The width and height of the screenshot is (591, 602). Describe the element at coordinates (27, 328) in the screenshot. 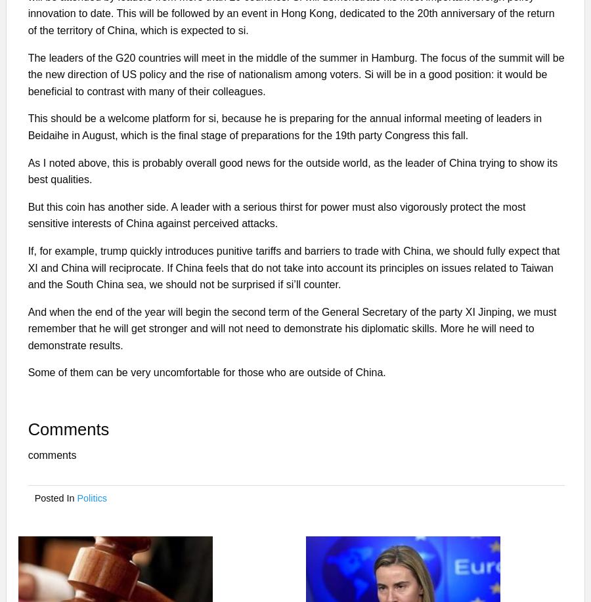

I see `'And when the end of the year will begin the second term of the General Secretary of the party XI Jinping, we must remember that he will get stronger and will not need to demonstrate his diplomatic skills. More he will need to demonstrate results.'` at that location.